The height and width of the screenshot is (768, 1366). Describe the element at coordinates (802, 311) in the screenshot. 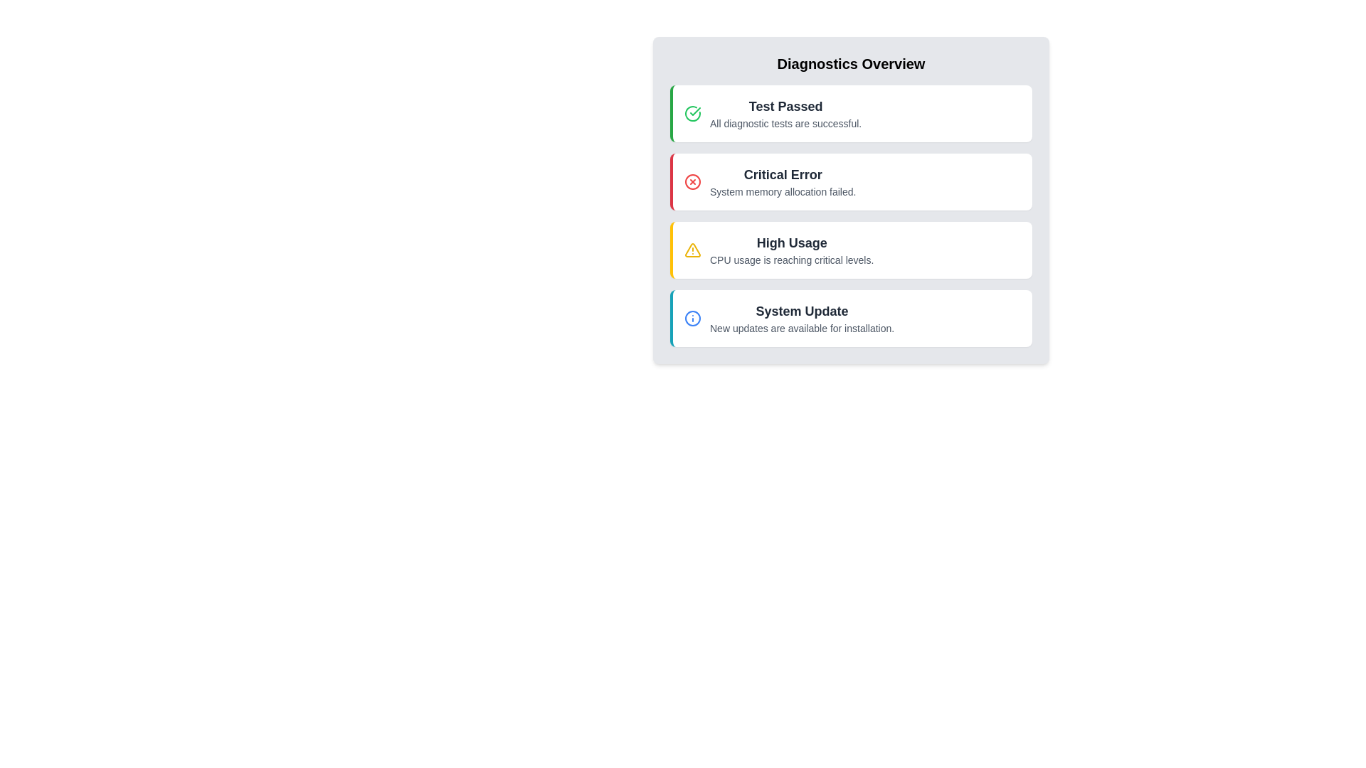

I see `the 'System Update' title text label, which is styled in large, bold typography and is positioned centrally at the bottom of the interface, just above the explanatory text` at that location.